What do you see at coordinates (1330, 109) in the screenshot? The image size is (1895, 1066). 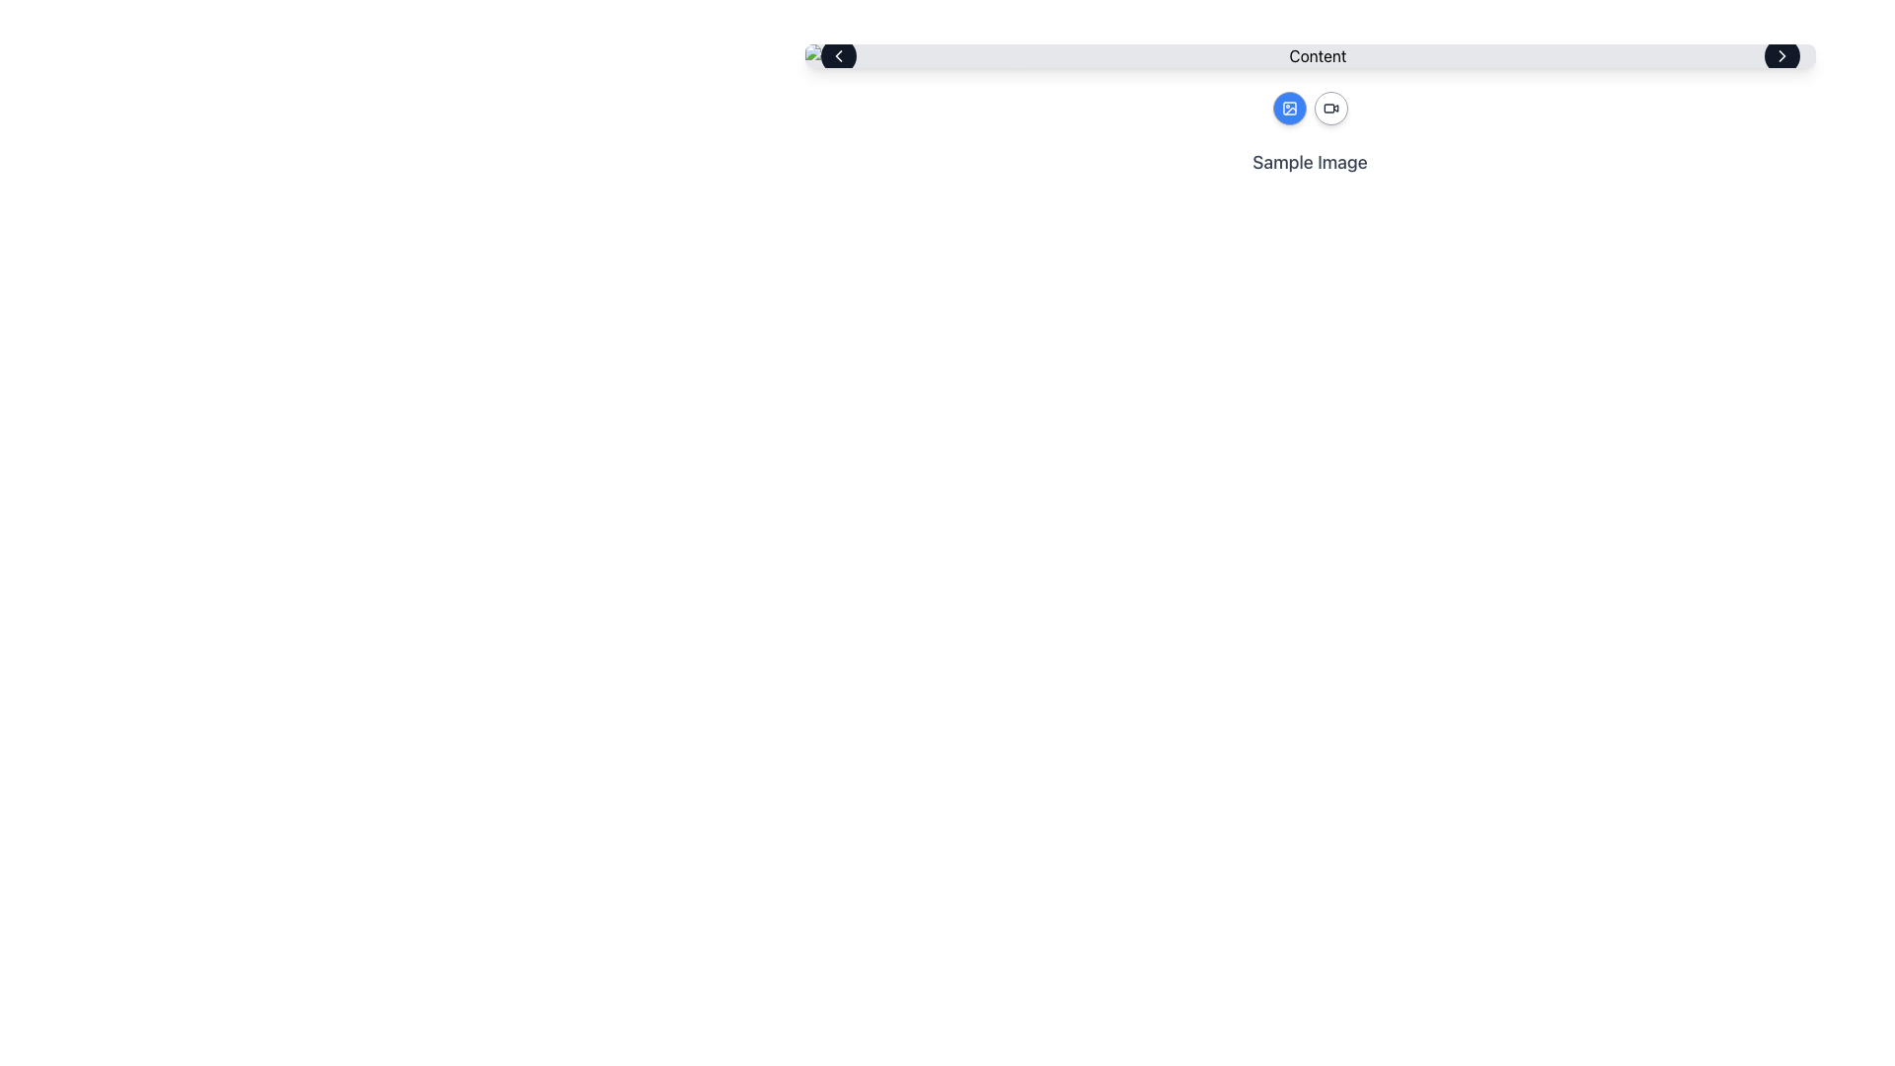 I see `the modern video icon button located in the top bar interface` at bounding box center [1330, 109].